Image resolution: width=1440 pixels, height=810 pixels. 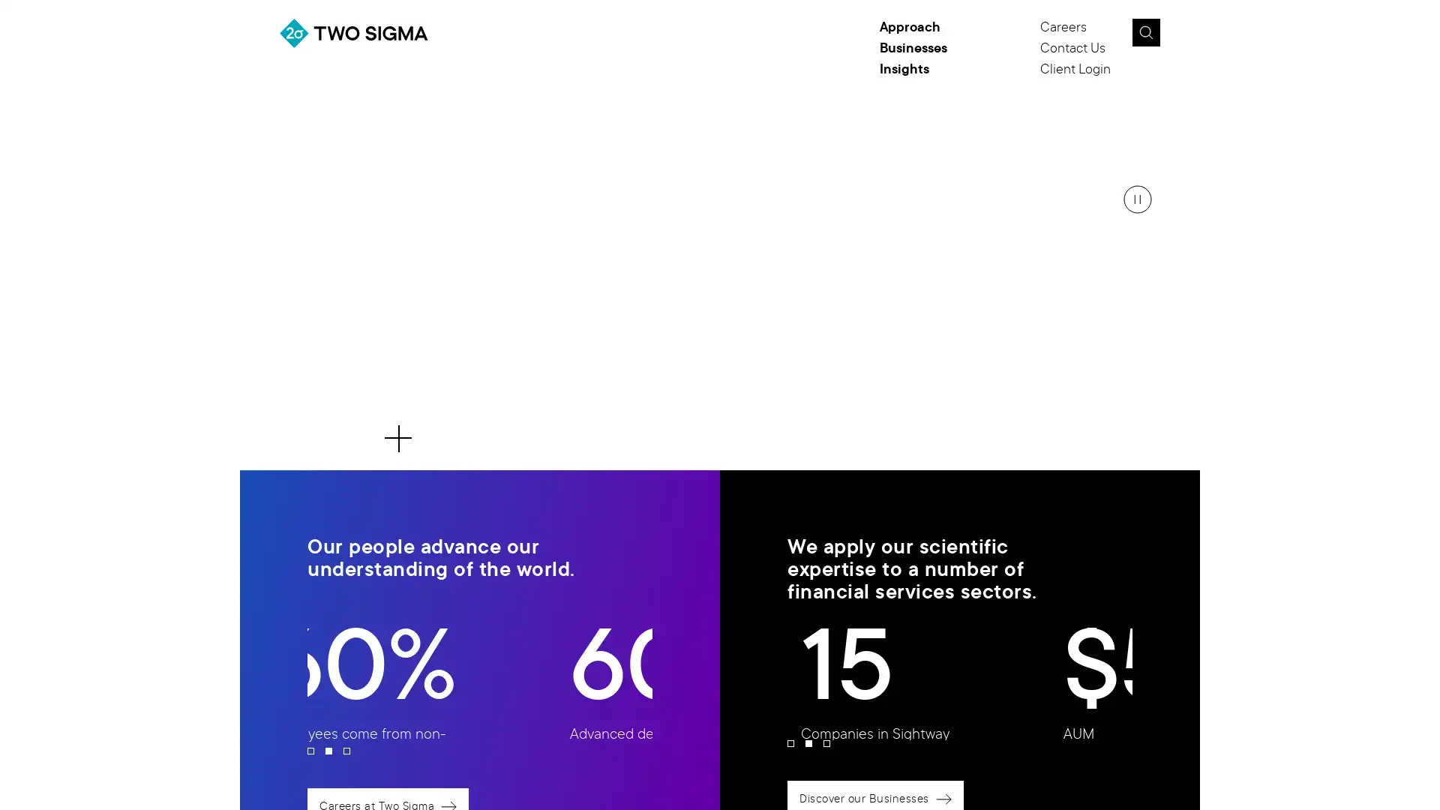 I want to click on Pause, so click(x=1137, y=199).